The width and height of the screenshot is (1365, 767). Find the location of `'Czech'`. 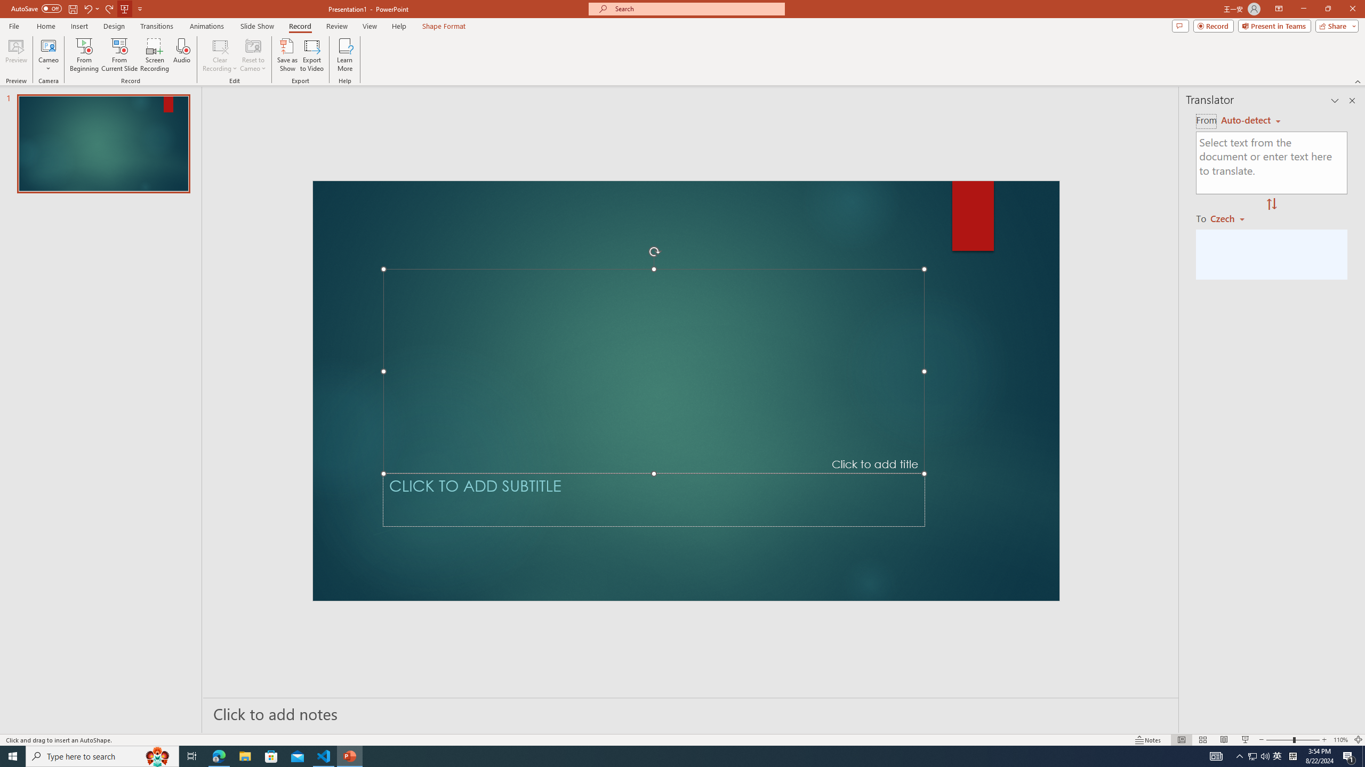

'Czech' is located at coordinates (1232, 218).